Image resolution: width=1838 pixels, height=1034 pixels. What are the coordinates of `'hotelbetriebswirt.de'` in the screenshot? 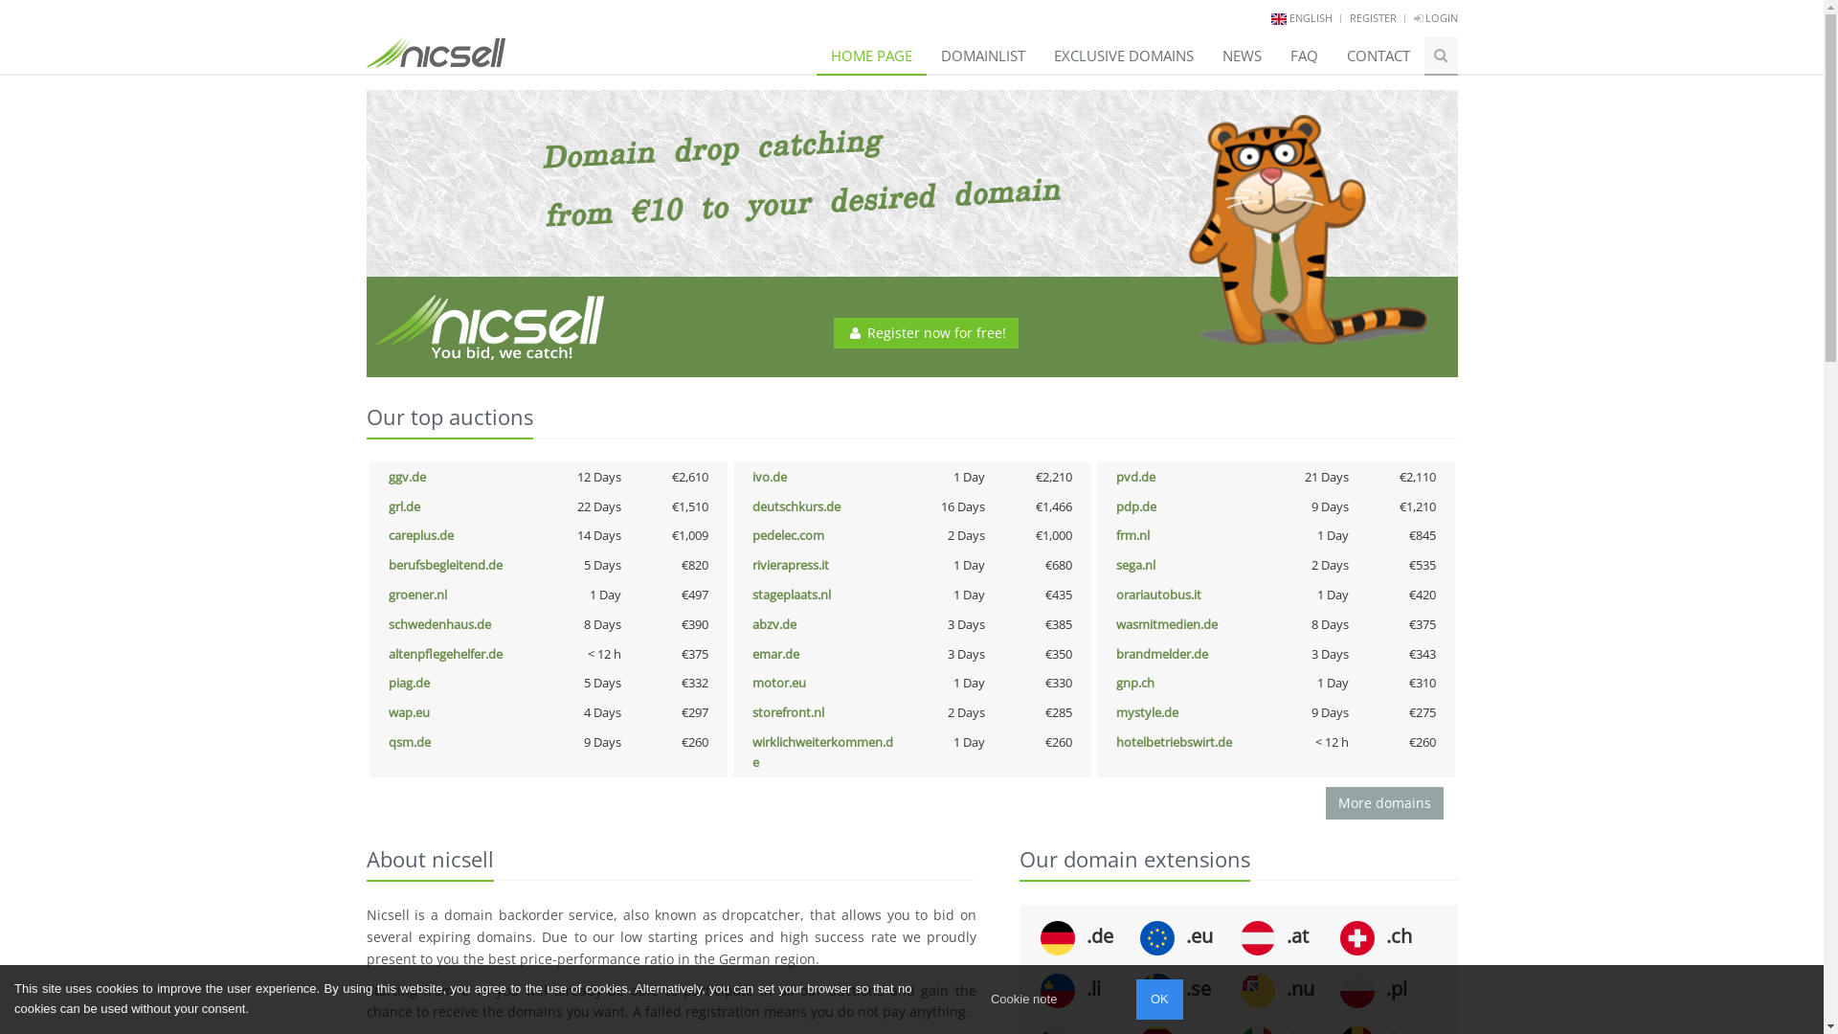 It's located at (1173, 741).